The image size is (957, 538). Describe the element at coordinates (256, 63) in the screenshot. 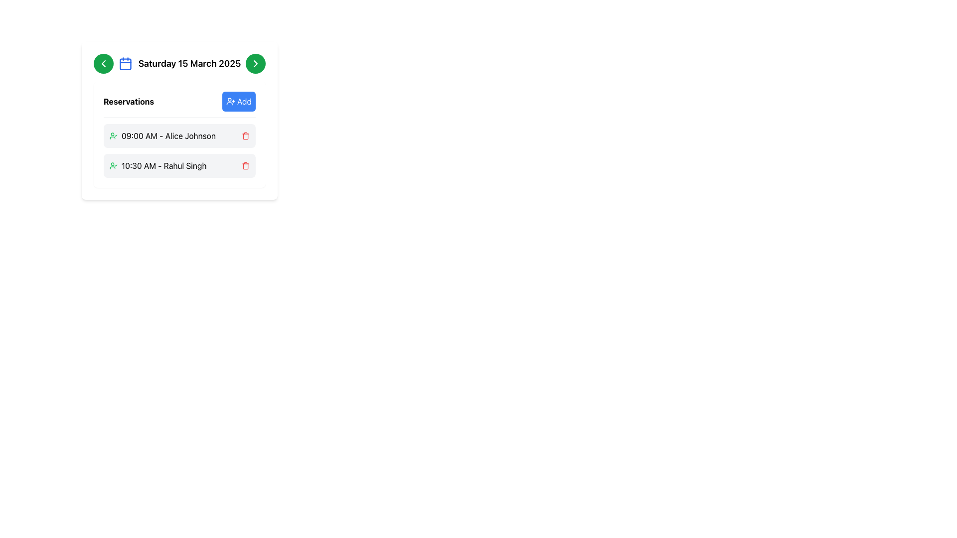

I see `the circular green button with a white chevron pointing to the right` at that location.